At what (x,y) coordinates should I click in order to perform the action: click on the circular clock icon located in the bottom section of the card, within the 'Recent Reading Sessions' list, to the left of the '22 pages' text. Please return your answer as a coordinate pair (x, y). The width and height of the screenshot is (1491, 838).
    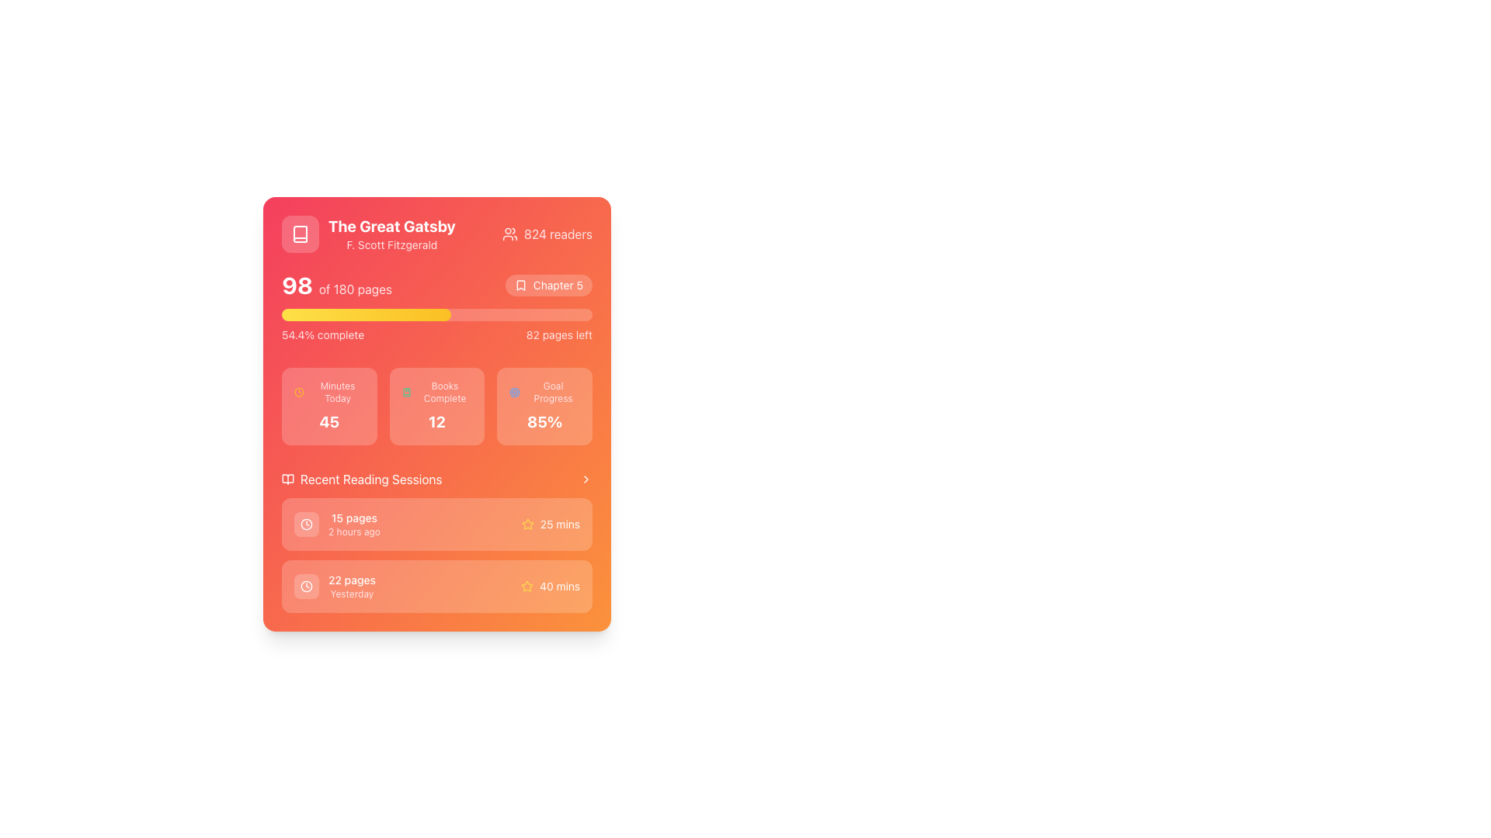
    Looking at the image, I should click on (306, 587).